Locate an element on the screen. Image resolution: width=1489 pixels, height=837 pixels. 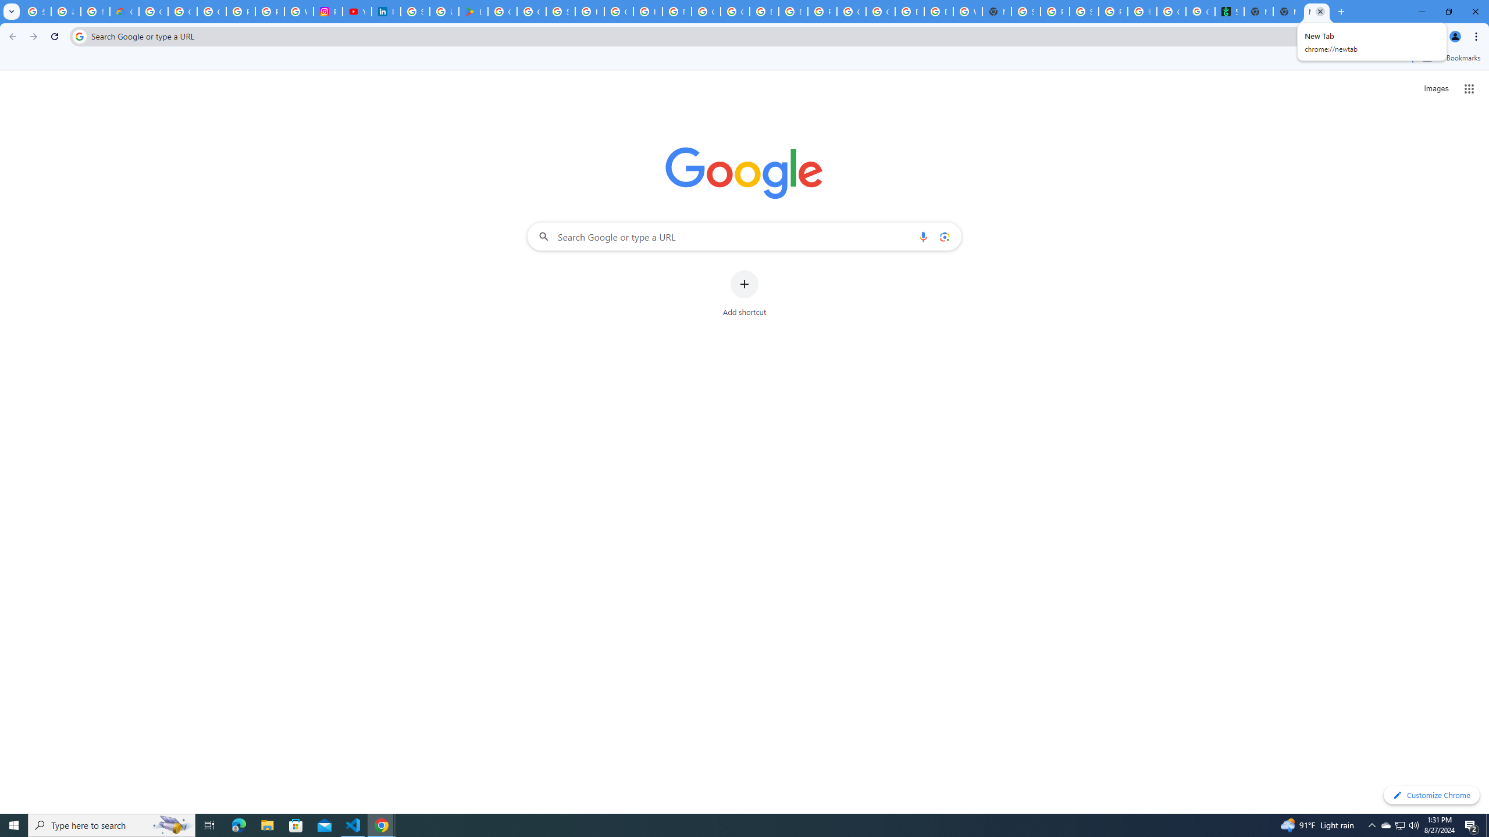
'Forward' is located at coordinates (33, 36).